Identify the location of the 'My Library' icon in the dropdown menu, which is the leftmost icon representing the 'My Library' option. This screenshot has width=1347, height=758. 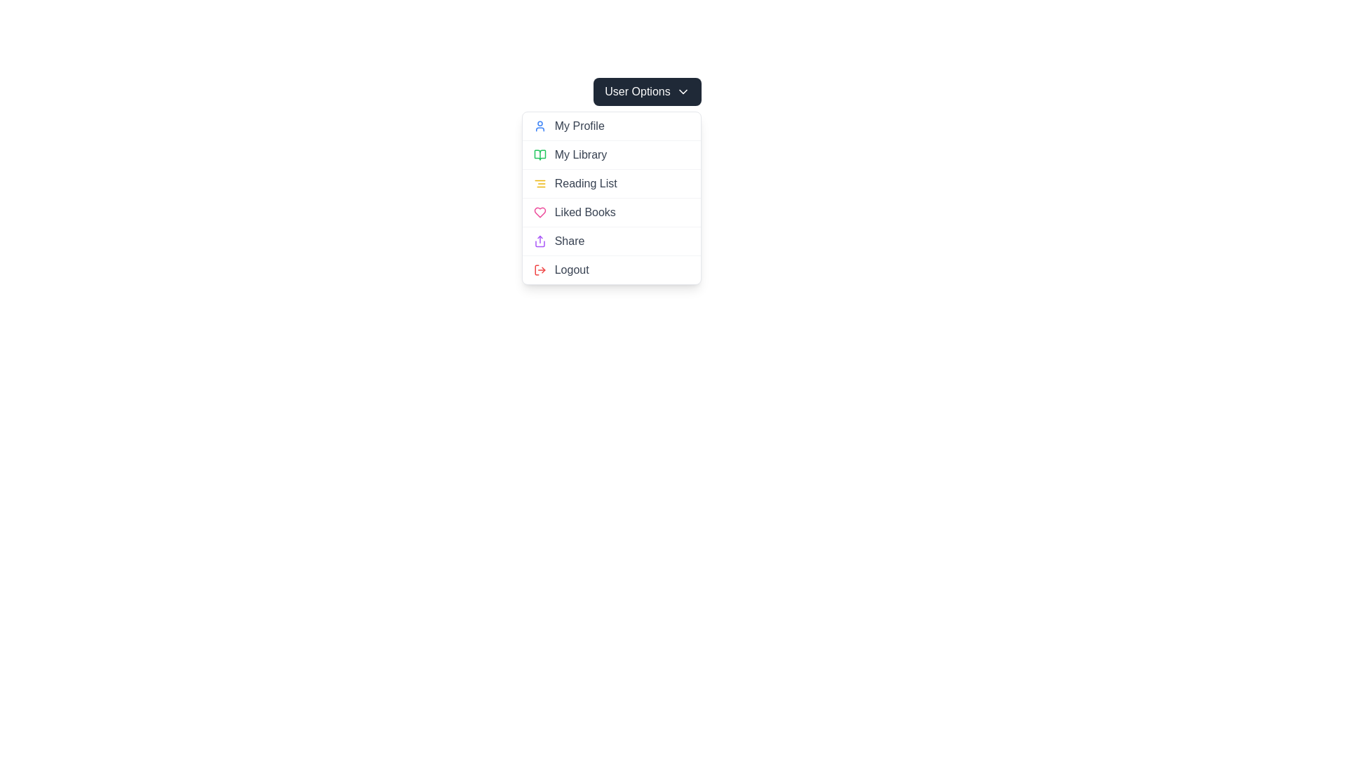
(539, 154).